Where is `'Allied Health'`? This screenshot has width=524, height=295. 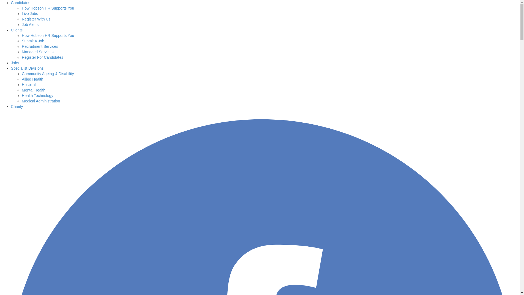 'Allied Health' is located at coordinates (22, 79).